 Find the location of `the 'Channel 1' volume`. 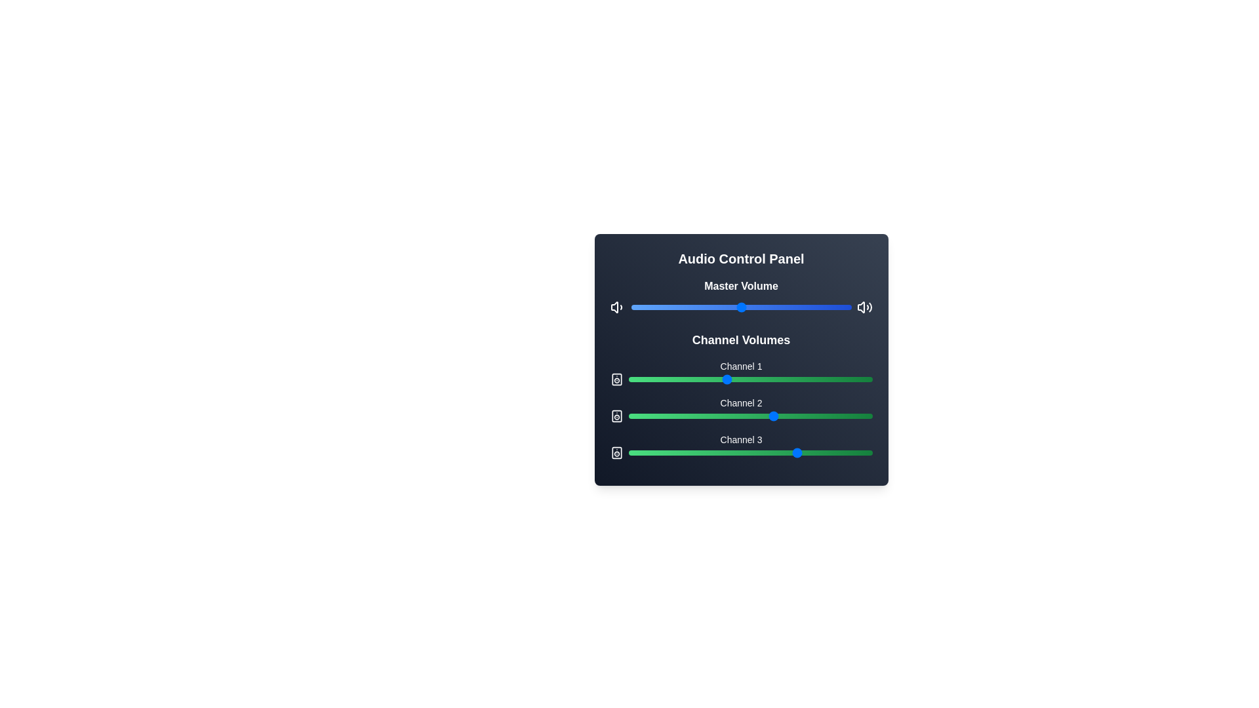

the 'Channel 1' volume is located at coordinates (650, 379).